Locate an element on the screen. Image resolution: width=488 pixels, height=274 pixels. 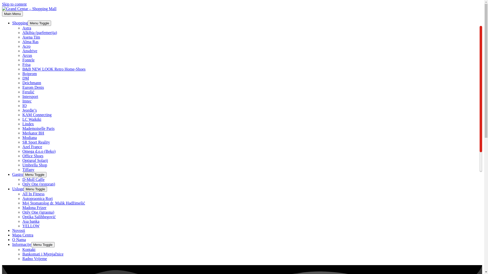
'Informacije' is located at coordinates (12, 244).